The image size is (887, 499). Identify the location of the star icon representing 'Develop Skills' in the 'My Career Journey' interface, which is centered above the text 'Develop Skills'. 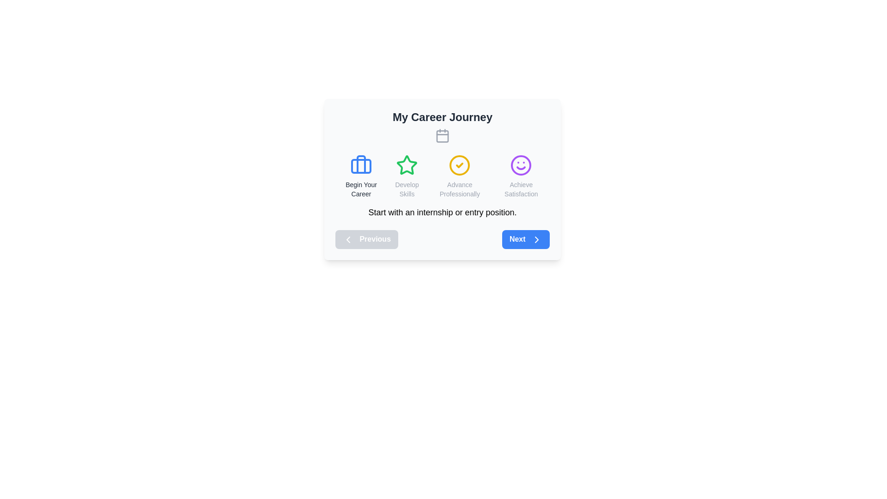
(407, 165).